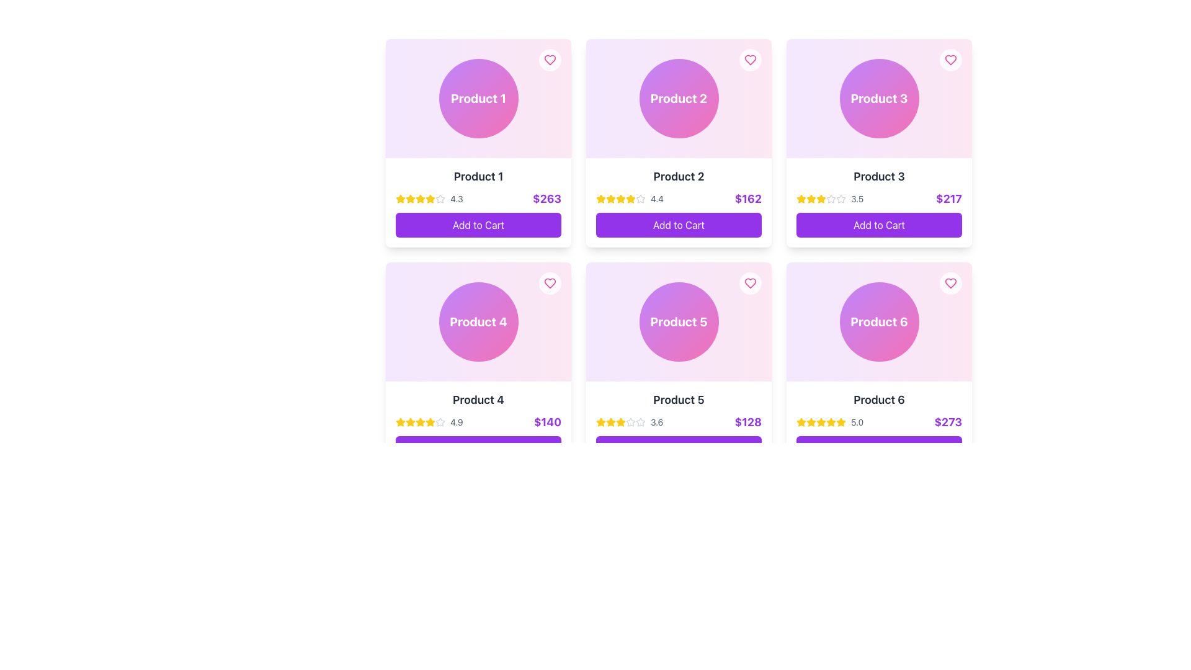 The width and height of the screenshot is (1191, 670). Describe the element at coordinates (440, 422) in the screenshot. I see `the appearance of the unrated star icon located in the bottom section of the 'Product 4' card, which is the last icon in a series of five star icons, aligned to the left of the numeric rating value '4.9'` at that location.